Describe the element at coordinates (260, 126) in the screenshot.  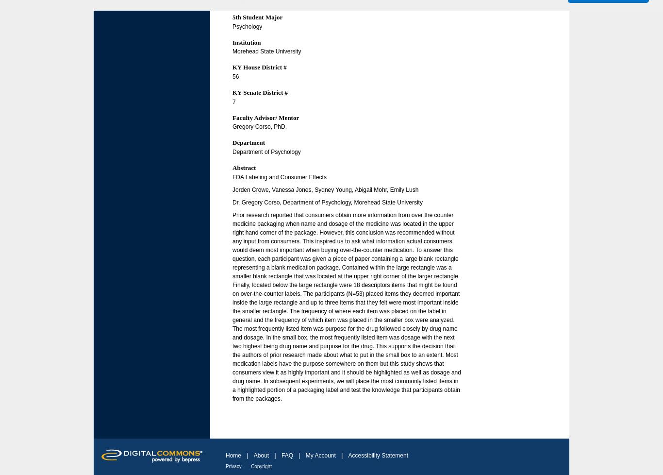
I see `'Gregory Corso, PhD.'` at that location.